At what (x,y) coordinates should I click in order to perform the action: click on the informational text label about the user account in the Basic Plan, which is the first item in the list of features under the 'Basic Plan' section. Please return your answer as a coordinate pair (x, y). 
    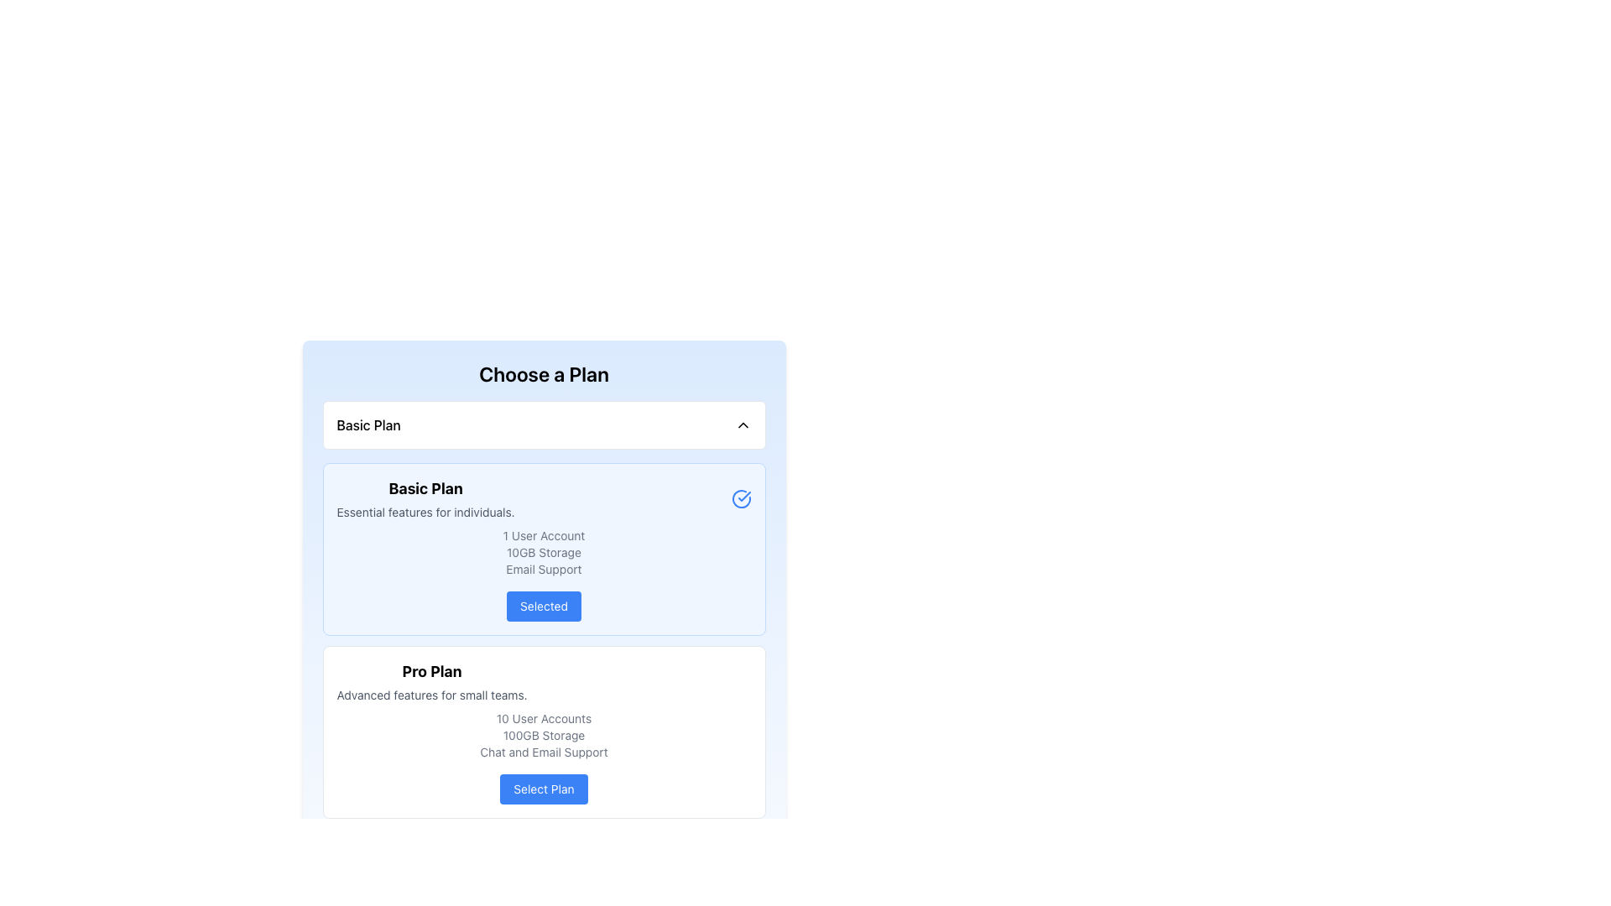
    Looking at the image, I should click on (544, 536).